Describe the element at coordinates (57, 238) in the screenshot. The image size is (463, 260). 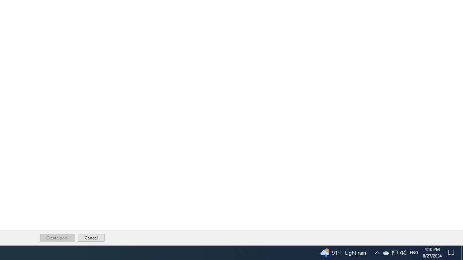
I see `'Create pool'` at that location.